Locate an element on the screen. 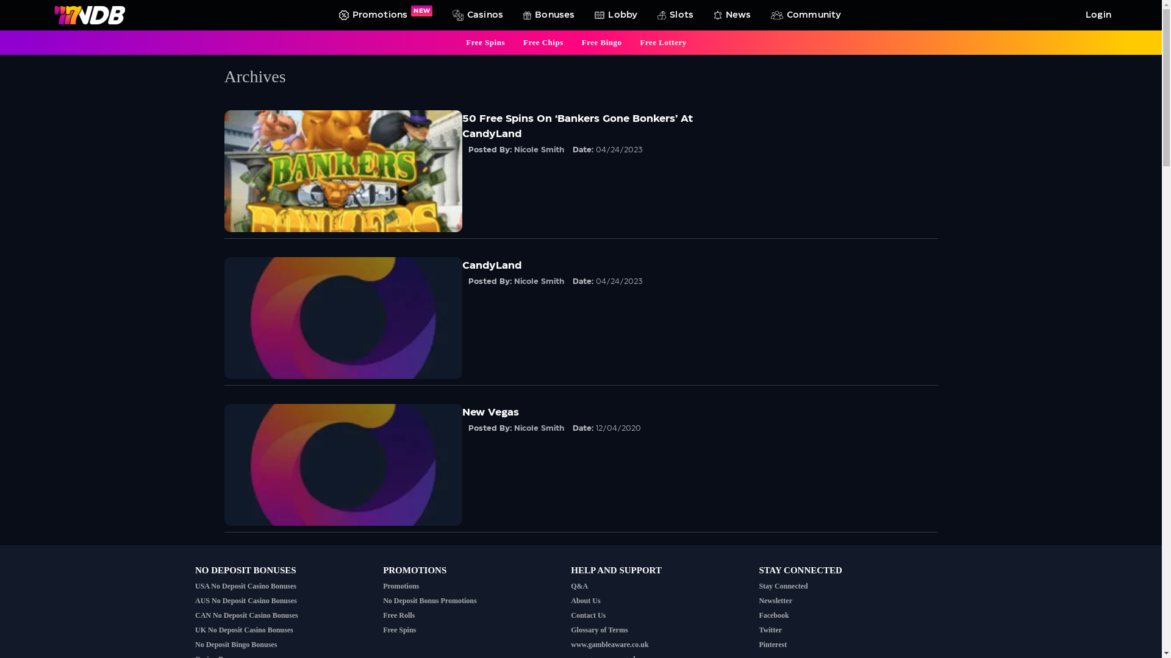 The image size is (1171, 658). 'Nicole Smith' is located at coordinates (538, 149).